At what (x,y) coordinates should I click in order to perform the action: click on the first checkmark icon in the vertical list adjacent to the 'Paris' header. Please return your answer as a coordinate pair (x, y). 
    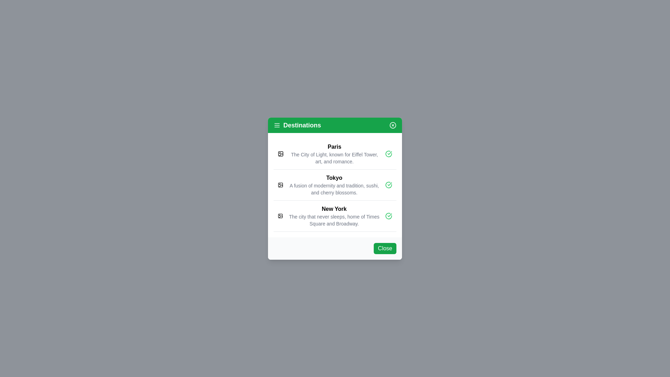
    Looking at the image, I should click on (388, 153).